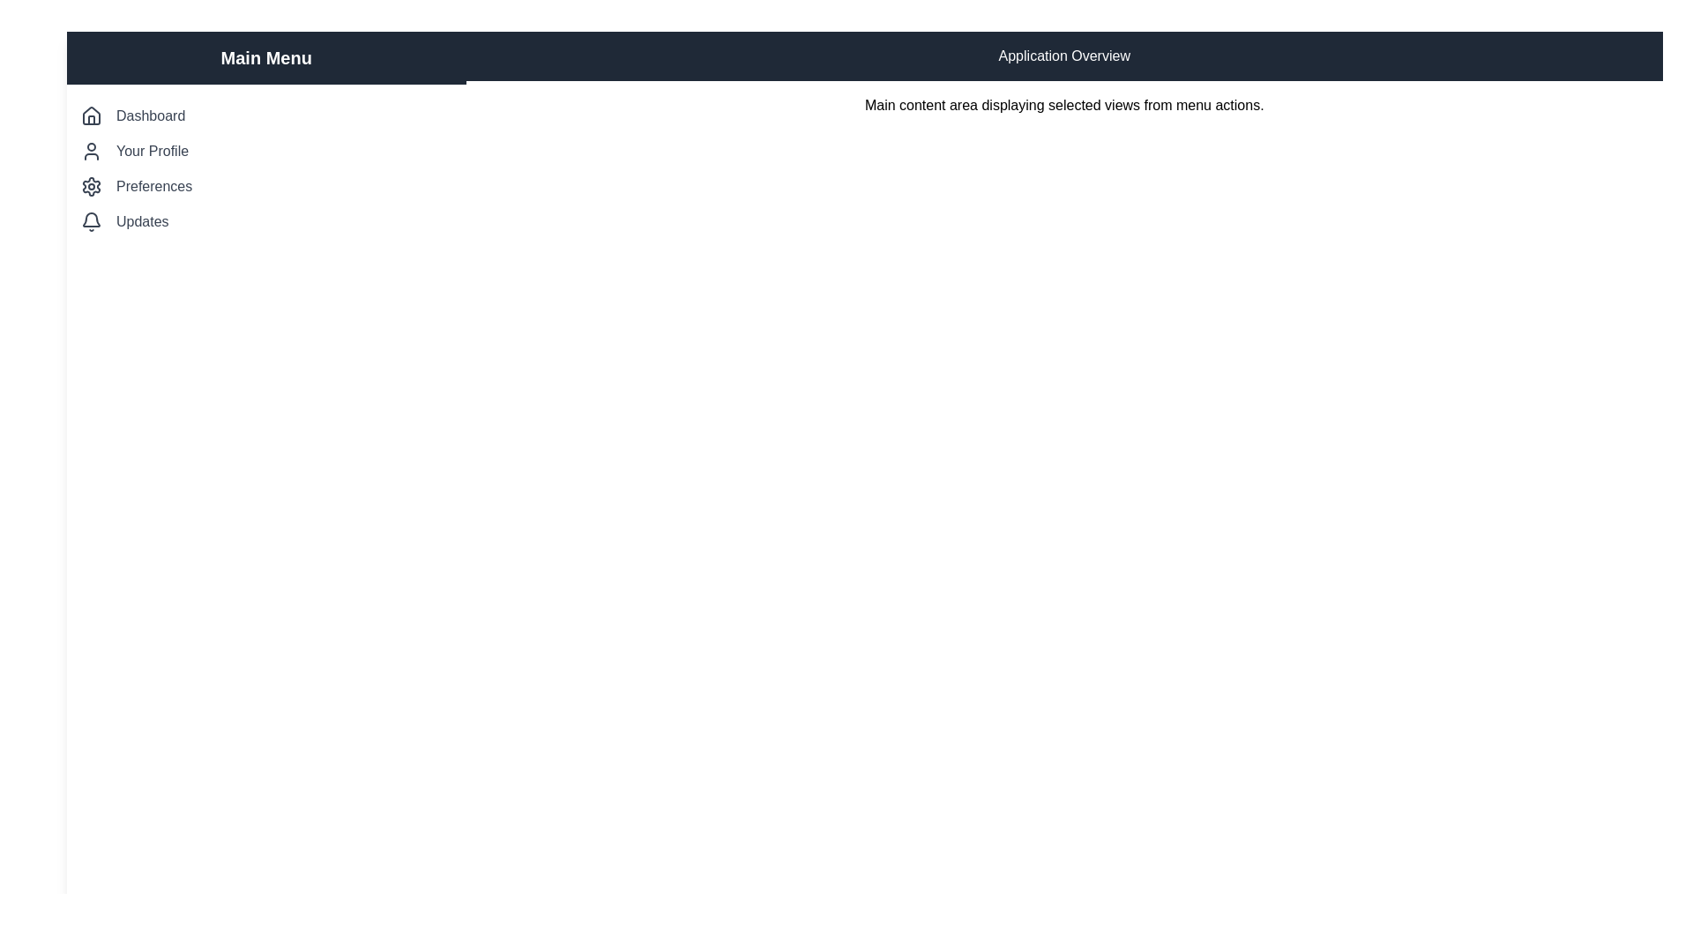 This screenshot has width=1693, height=952. What do you see at coordinates (265, 151) in the screenshot?
I see `the second menu item labeled 'Your Profile' in the vertical 'Main Menu'` at bounding box center [265, 151].